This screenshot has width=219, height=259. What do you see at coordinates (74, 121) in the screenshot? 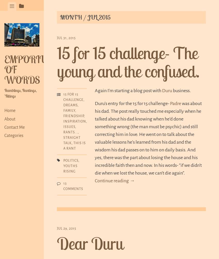
I see `'Inspiration'` at bounding box center [74, 121].